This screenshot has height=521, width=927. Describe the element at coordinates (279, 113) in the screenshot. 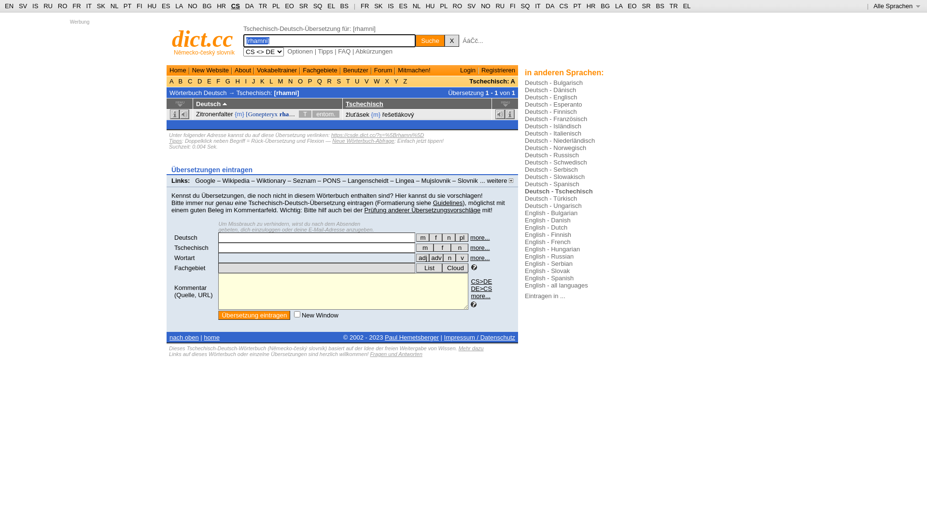

I see `'rhamni]'` at that location.